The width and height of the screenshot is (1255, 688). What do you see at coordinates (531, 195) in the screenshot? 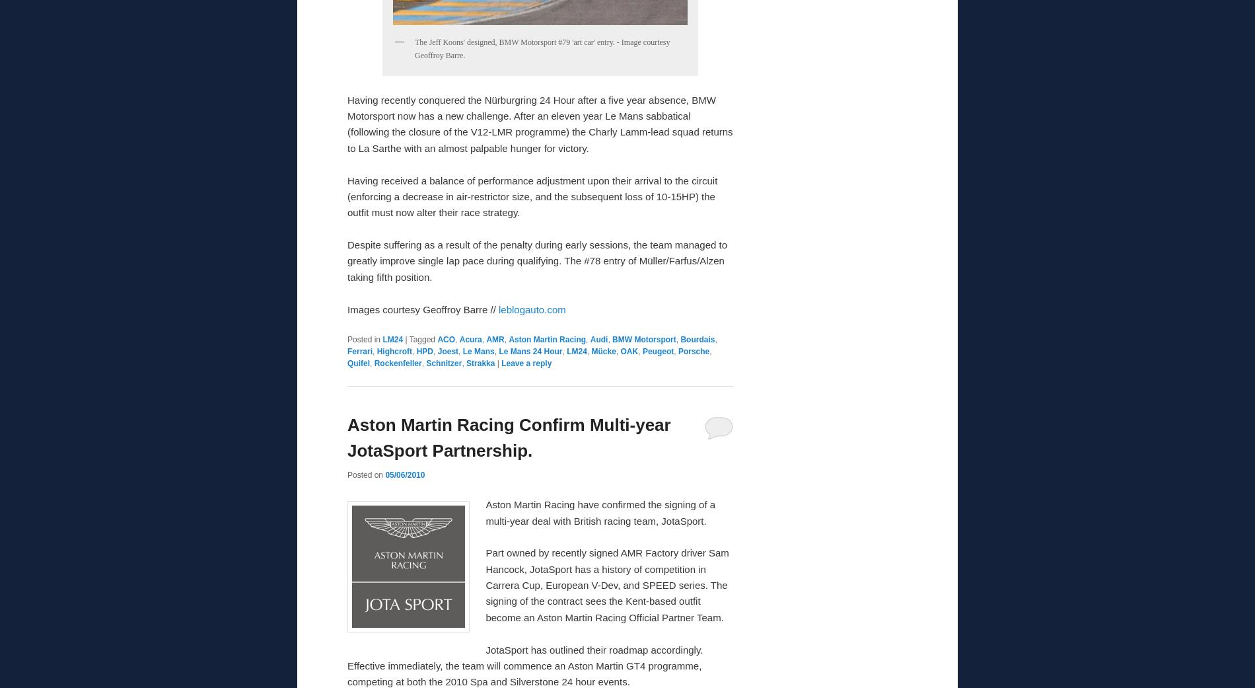
I see `'Having received a balance of performance adjustment upon their arrival to the circuit (enforcing a decrease in air-restrictor size, and the subsequent loss of 10-15HP) the outfit must now alter their race strategy.'` at bounding box center [531, 195].